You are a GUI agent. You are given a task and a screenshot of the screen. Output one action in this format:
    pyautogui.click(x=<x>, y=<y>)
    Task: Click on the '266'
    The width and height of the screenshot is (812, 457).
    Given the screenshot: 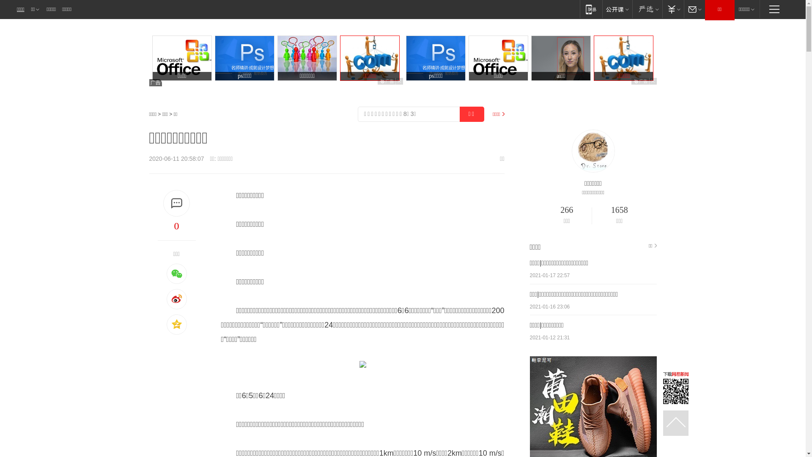 What is the action you would take?
    pyautogui.click(x=566, y=210)
    